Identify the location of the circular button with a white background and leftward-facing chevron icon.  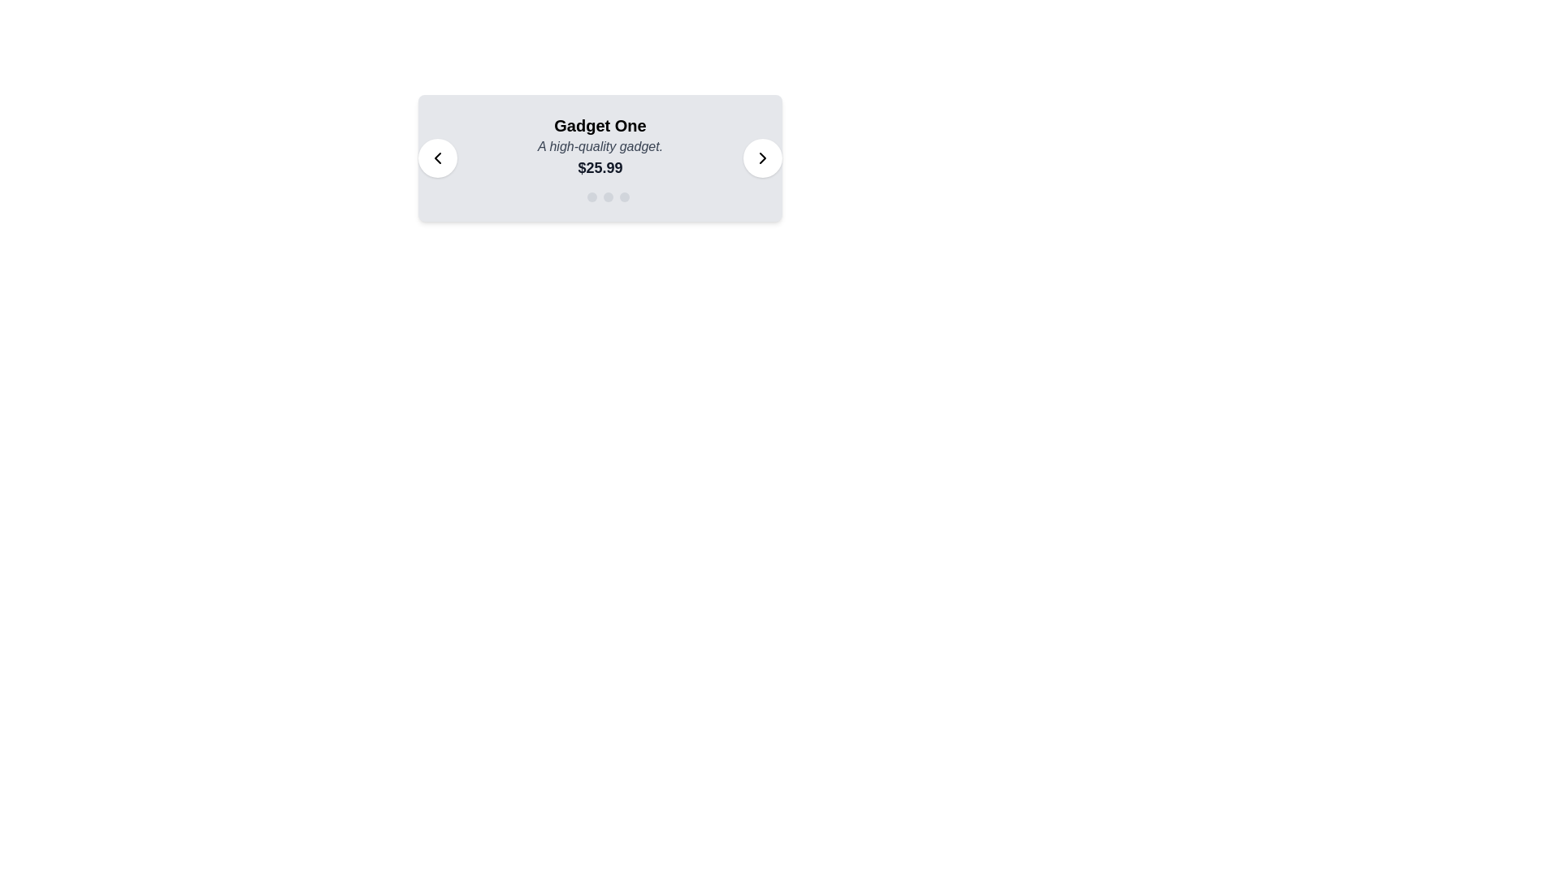
(437, 158).